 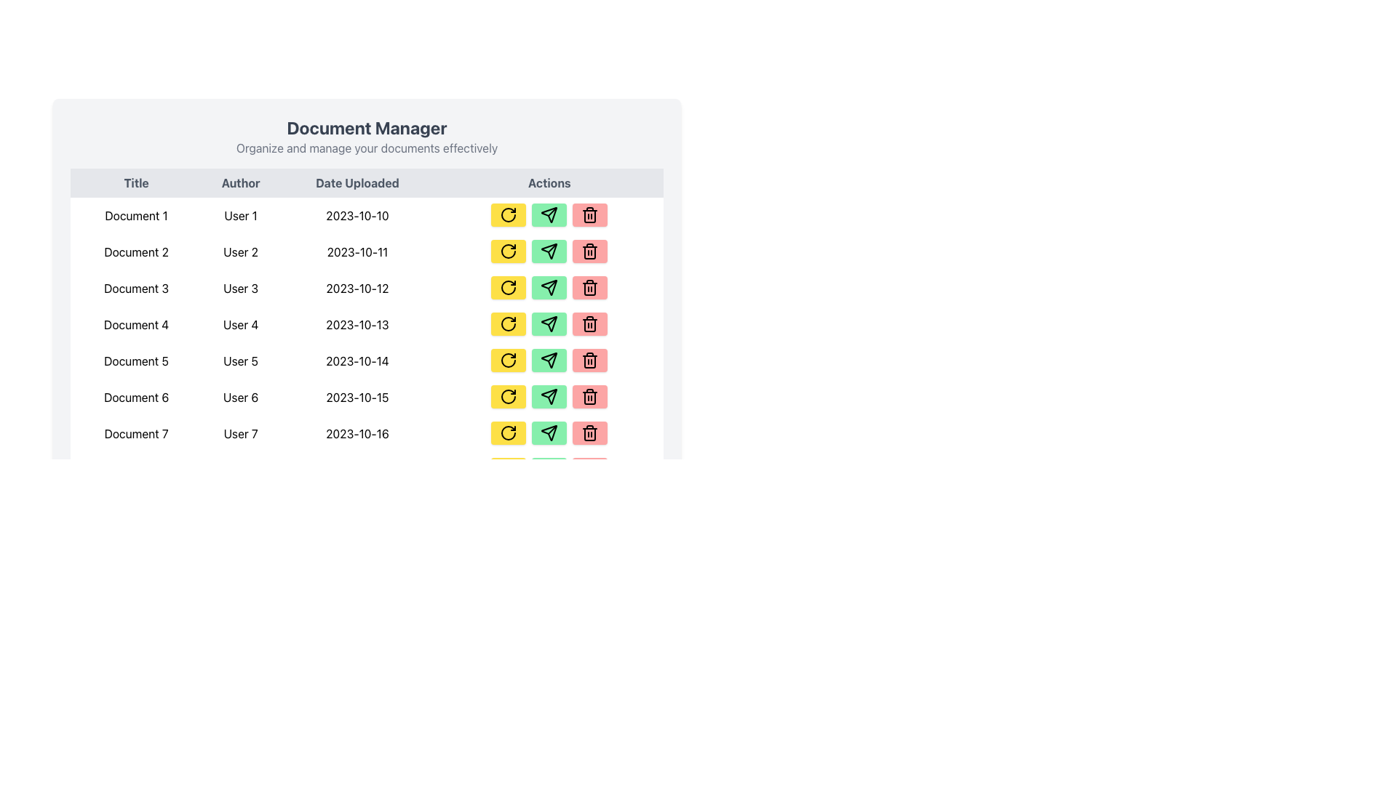 I want to click on the 'Refresh' action button located in the 'Actions' column of the table row for 'Document 4' authored by 'User 4', so click(x=509, y=323).